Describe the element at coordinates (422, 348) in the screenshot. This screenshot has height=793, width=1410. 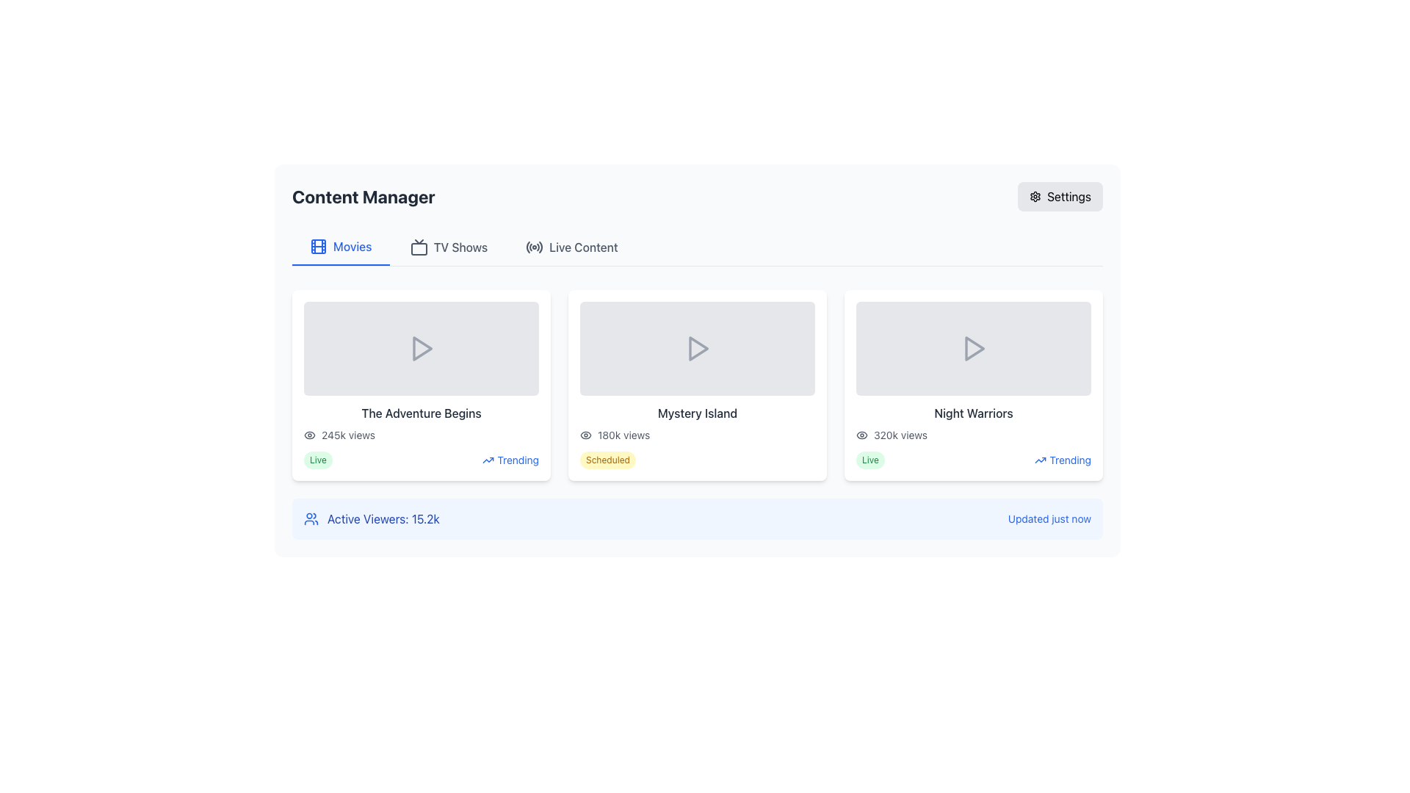
I see `the play button icon located in the middle of the first media card titled 'The Adventure Begins'` at that location.